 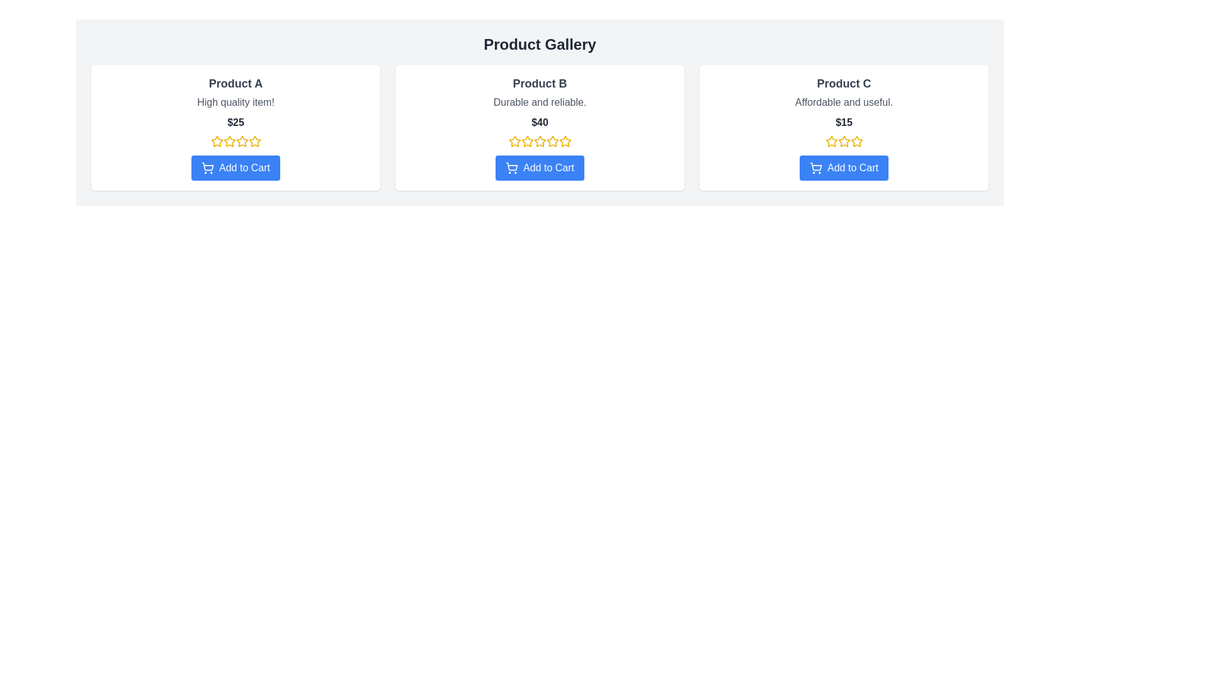 What do you see at coordinates (236, 83) in the screenshot?
I see `the product title text label located at the top-center of its card-like structure in the product grid` at bounding box center [236, 83].